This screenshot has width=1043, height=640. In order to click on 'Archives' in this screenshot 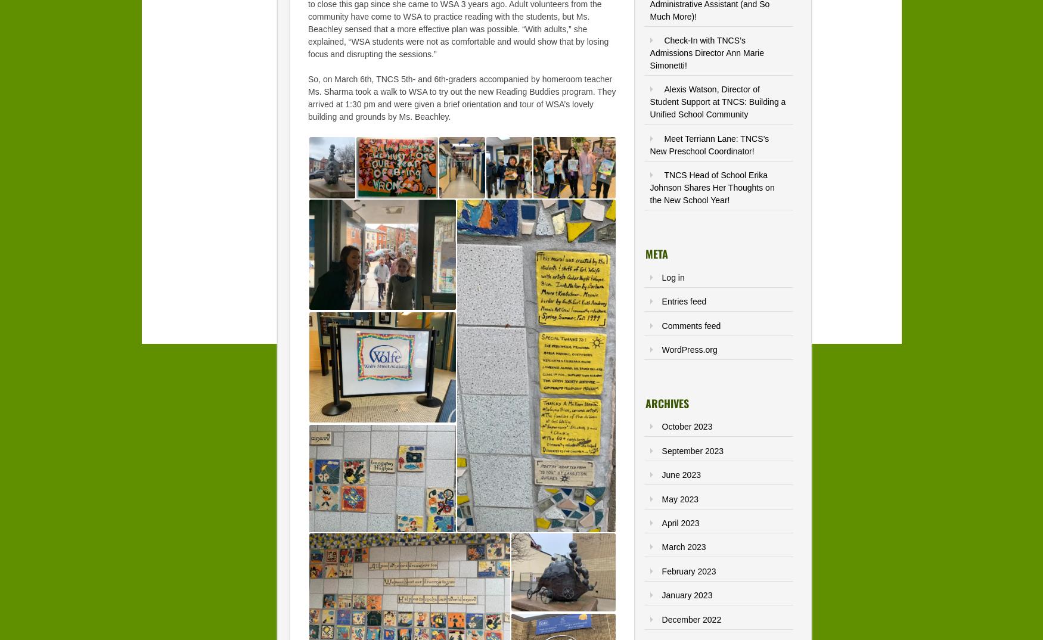, I will do `click(666, 403)`.